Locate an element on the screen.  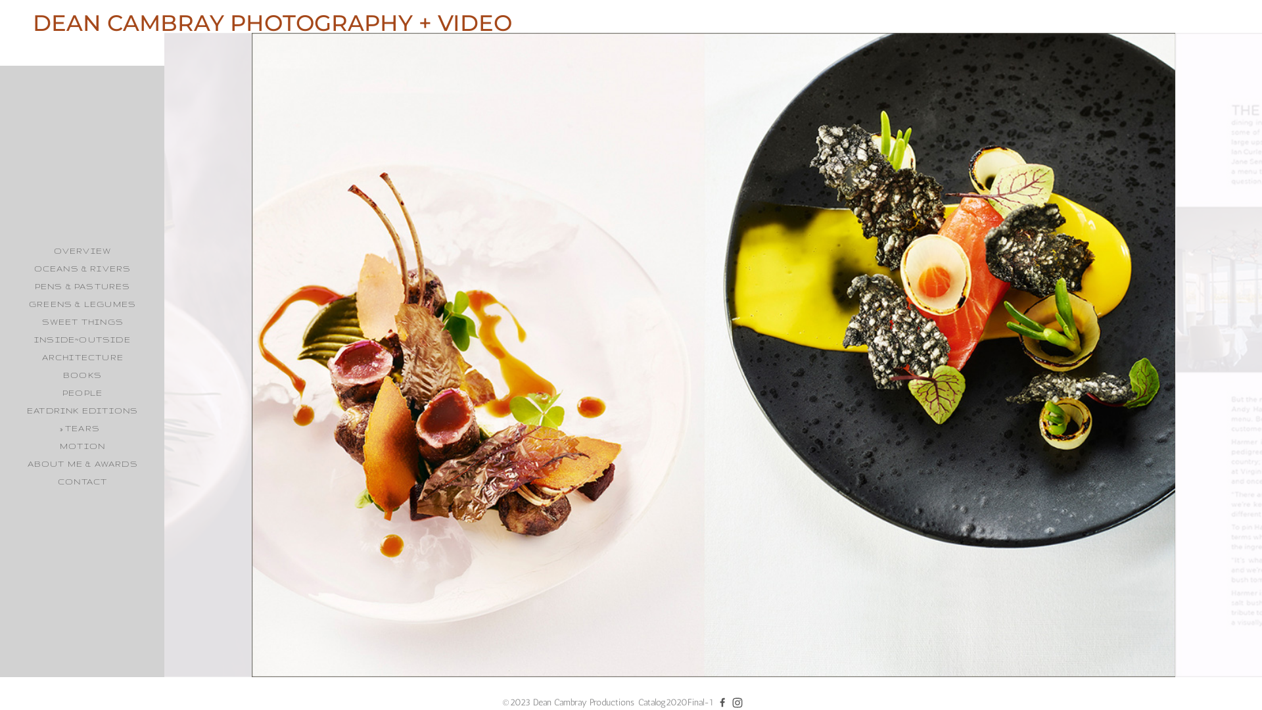
'MOTION' is located at coordinates (59, 445).